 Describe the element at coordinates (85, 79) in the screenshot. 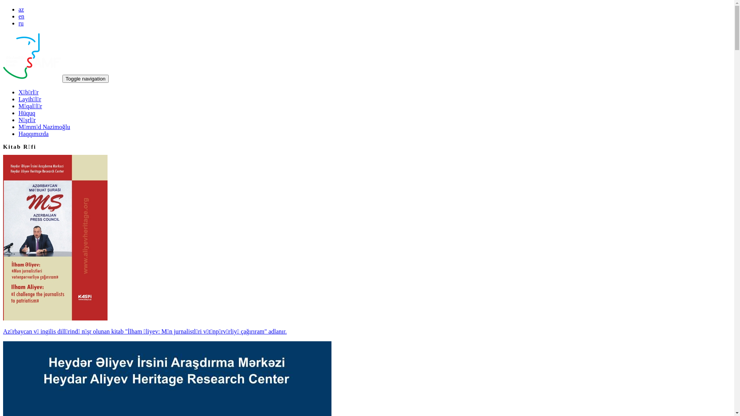

I see `'Toggle navigation'` at that location.